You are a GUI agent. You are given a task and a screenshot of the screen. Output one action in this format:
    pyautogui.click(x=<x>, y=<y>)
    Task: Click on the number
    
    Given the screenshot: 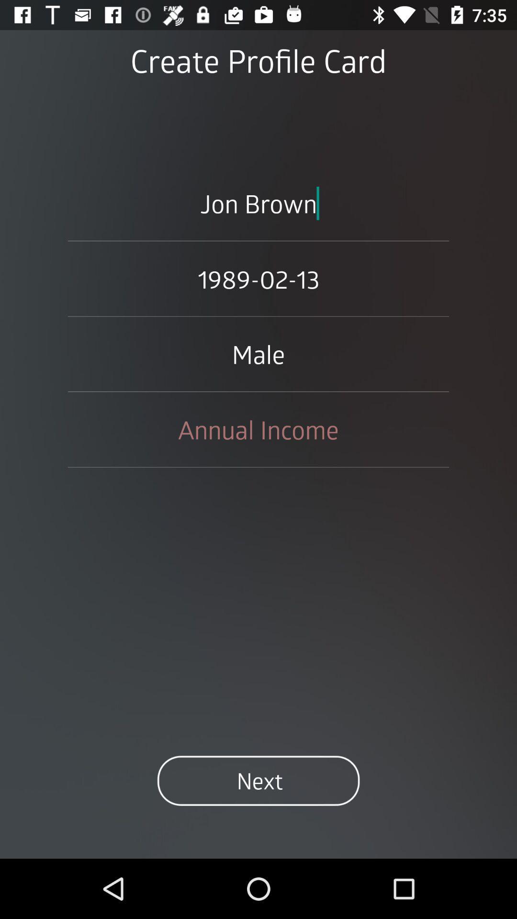 What is the action you would take?
    pyautogui.click(x=258, y=429)
    